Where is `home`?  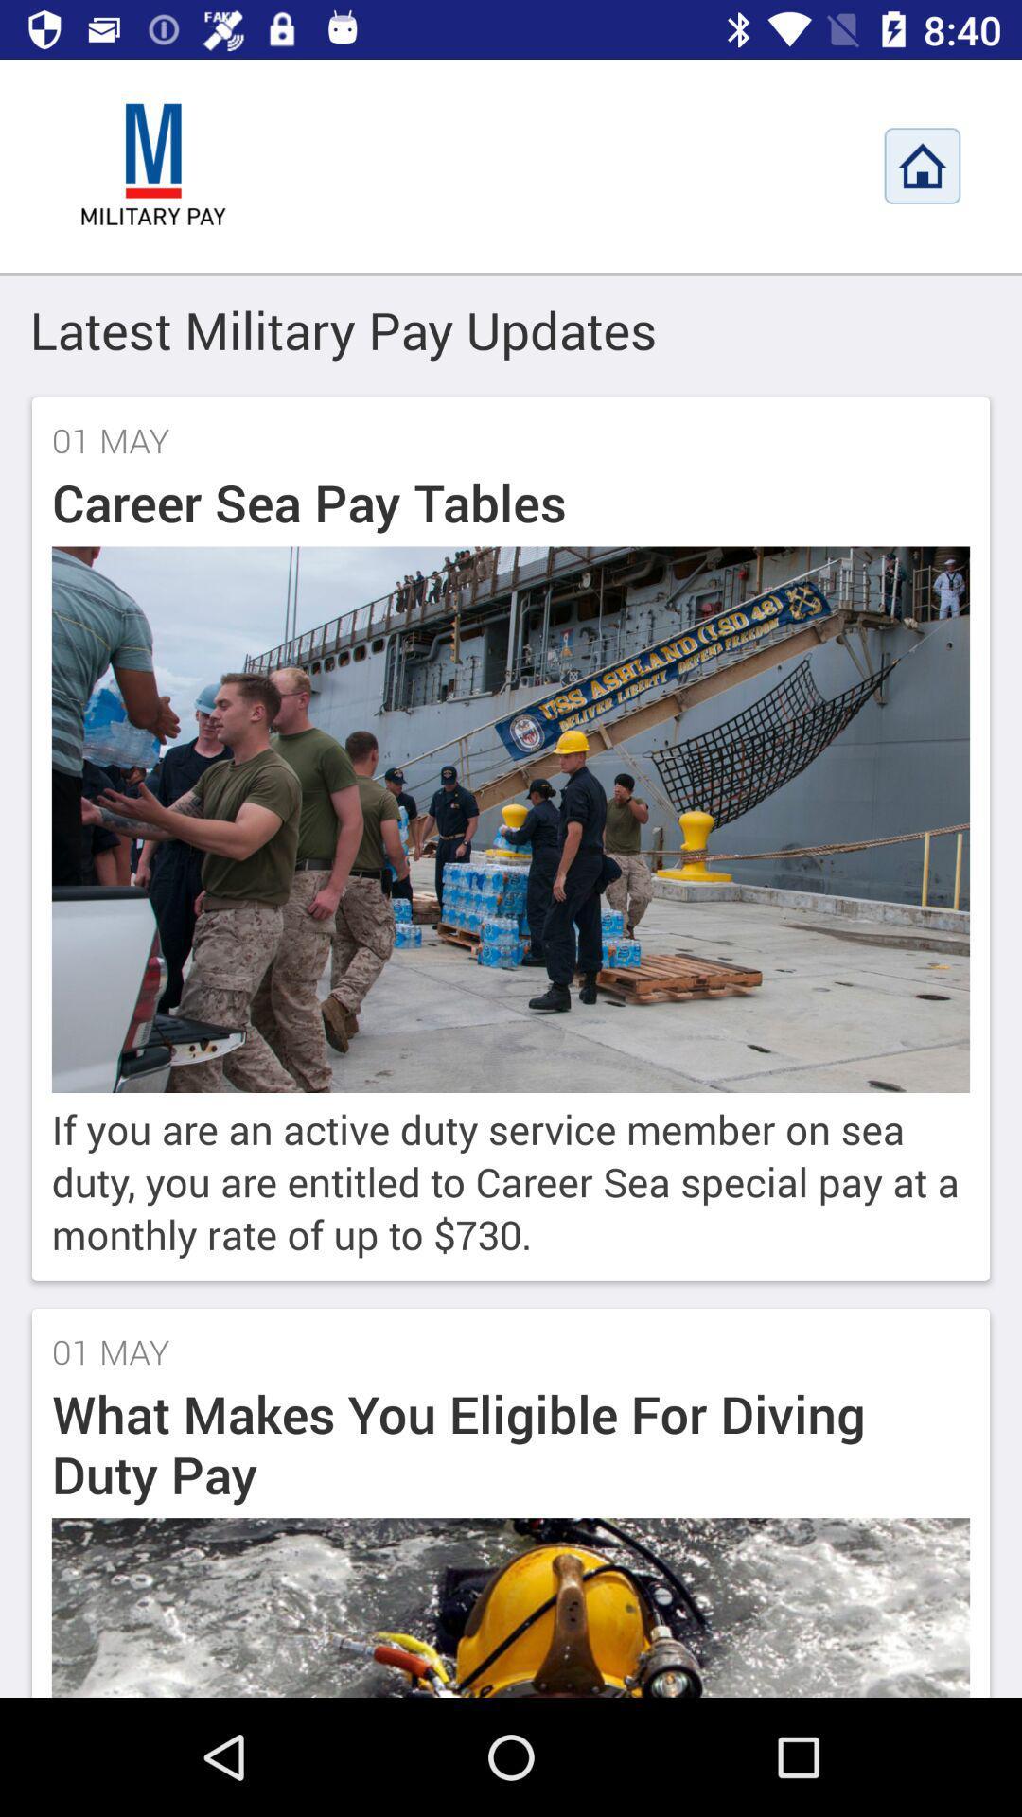 home is located at coordinates (922, 166).